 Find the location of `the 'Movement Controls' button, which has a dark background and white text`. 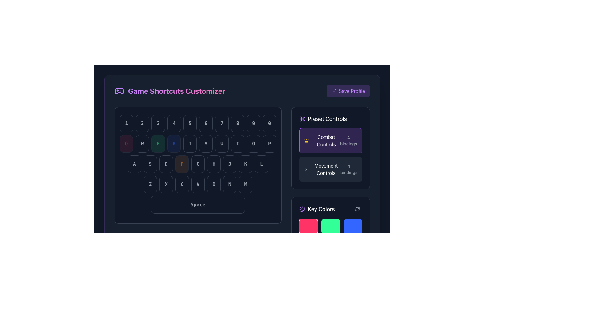

the 'Movement Controls' button, which has a dark background and white text is located at coordinates (330, 169).